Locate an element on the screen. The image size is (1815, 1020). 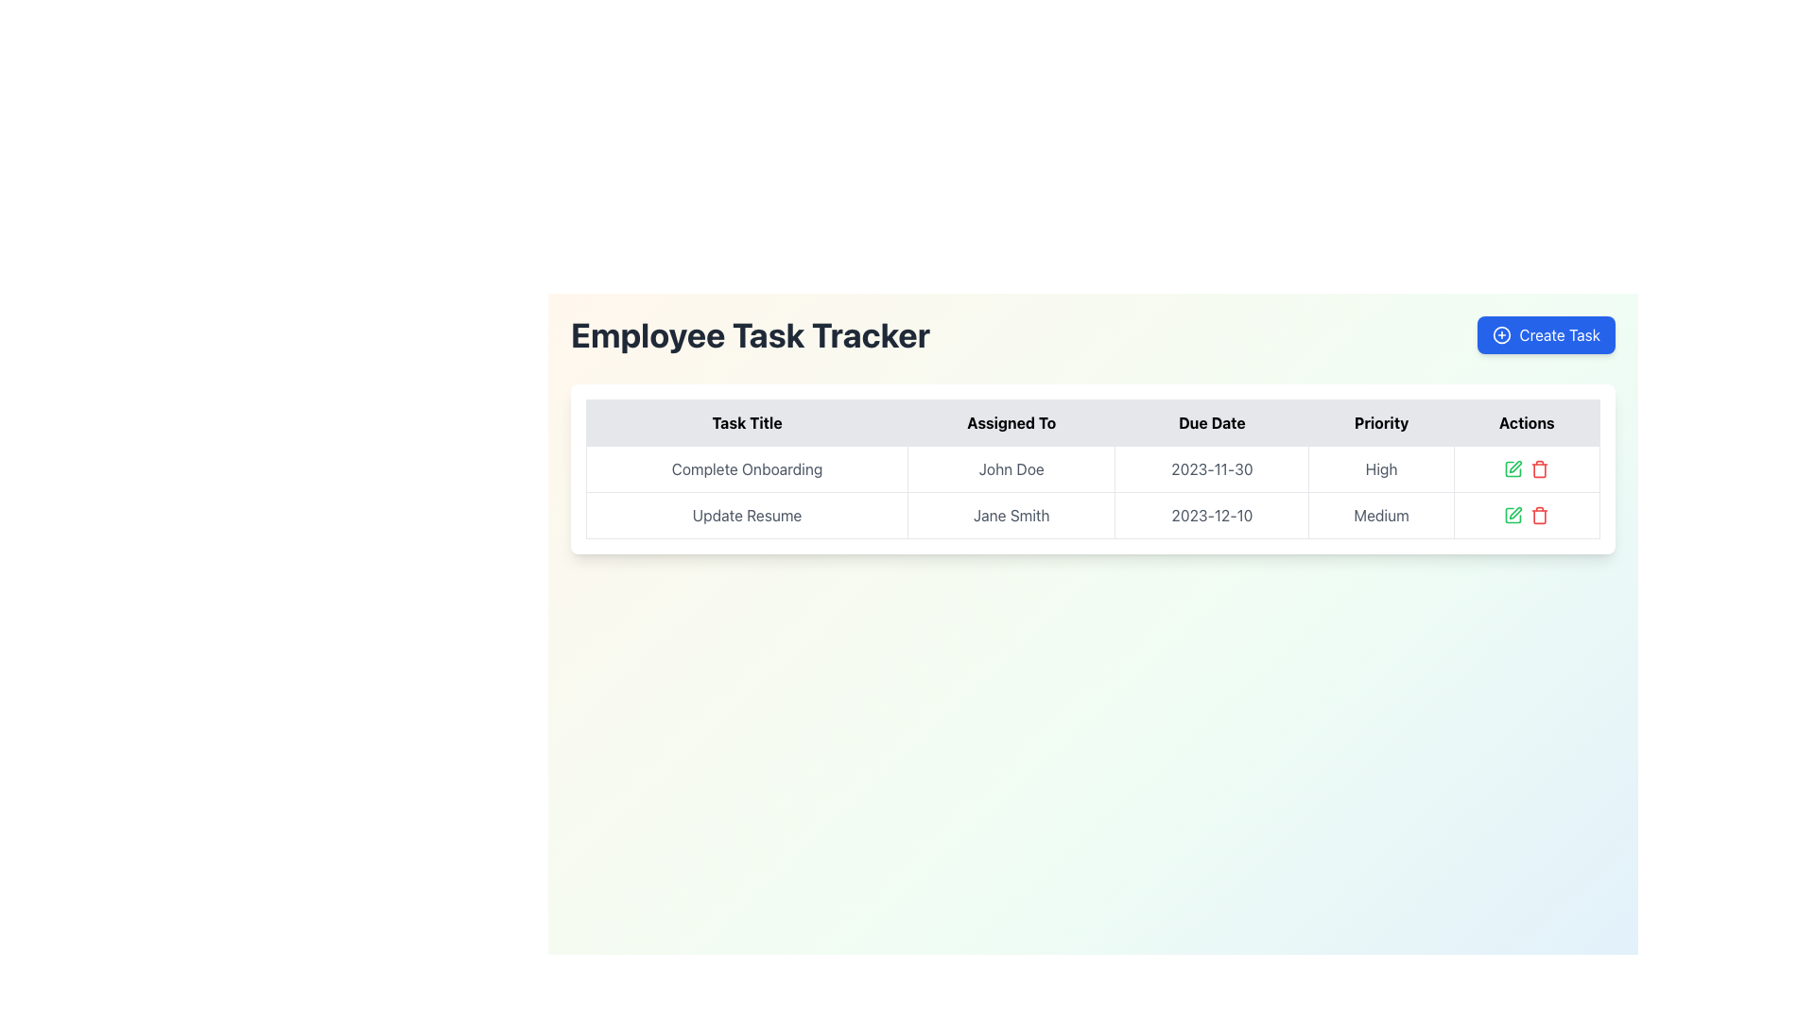
the text label displaying 'Jane Smith' in the 'Assigned To' column of the task table, located in the second row is located at coordinates (1011, 516).